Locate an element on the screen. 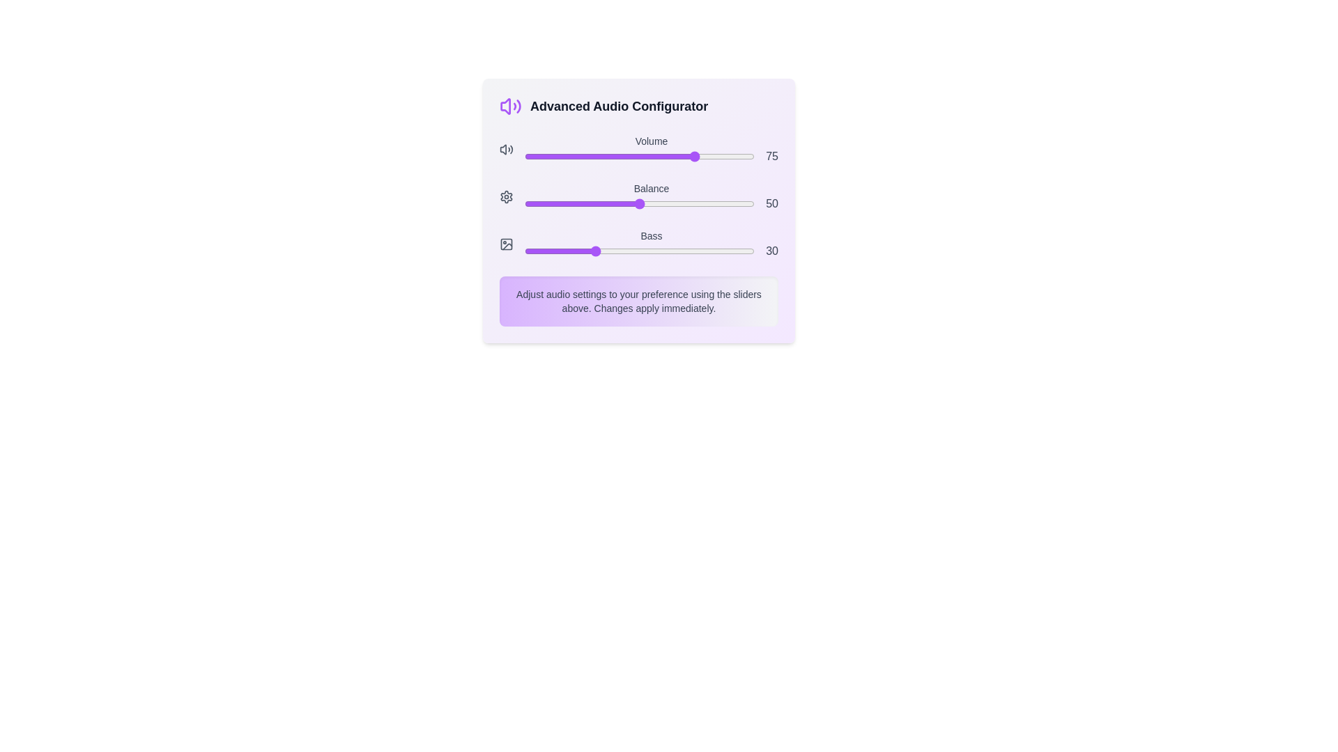 The width and height of the screenshot is (1338, 752). the volume slider to set the volume to 59% is located at coordinates (659, 156).